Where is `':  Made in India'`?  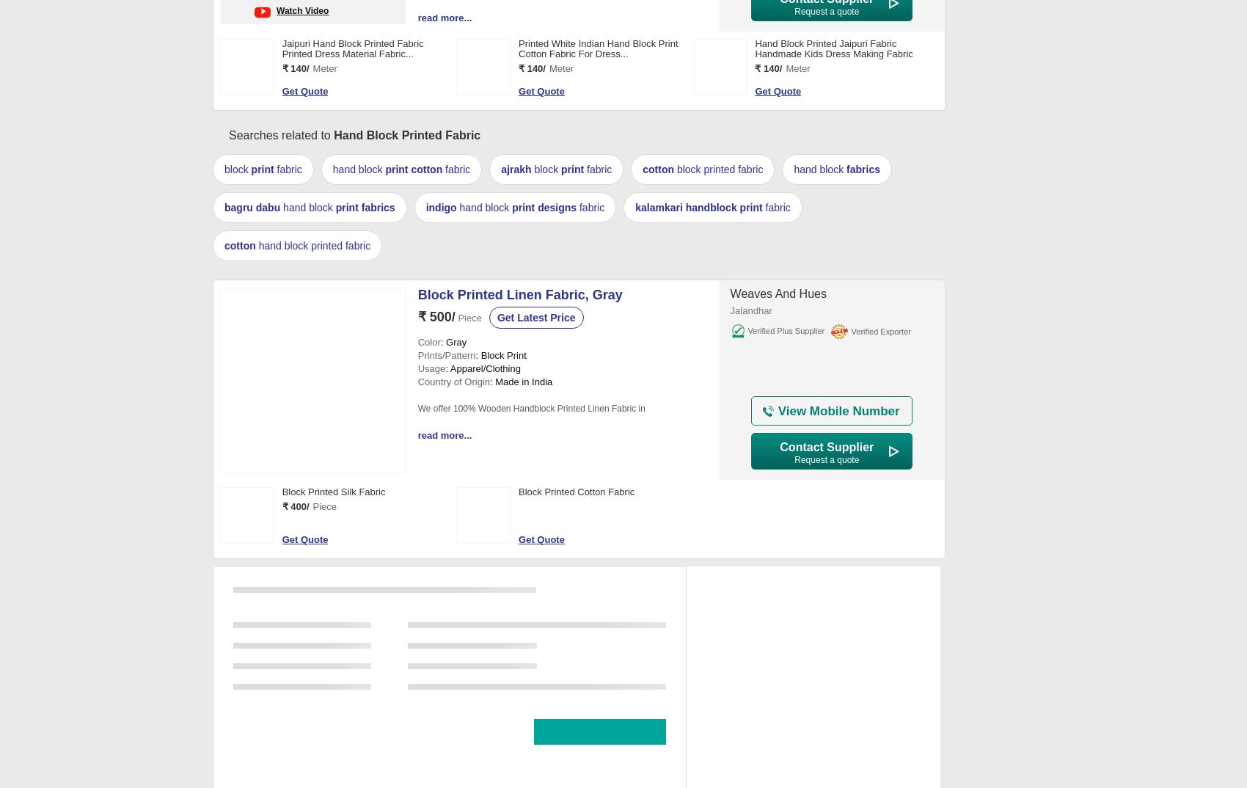
':  Made in India' is located at coordinates (521, 382).